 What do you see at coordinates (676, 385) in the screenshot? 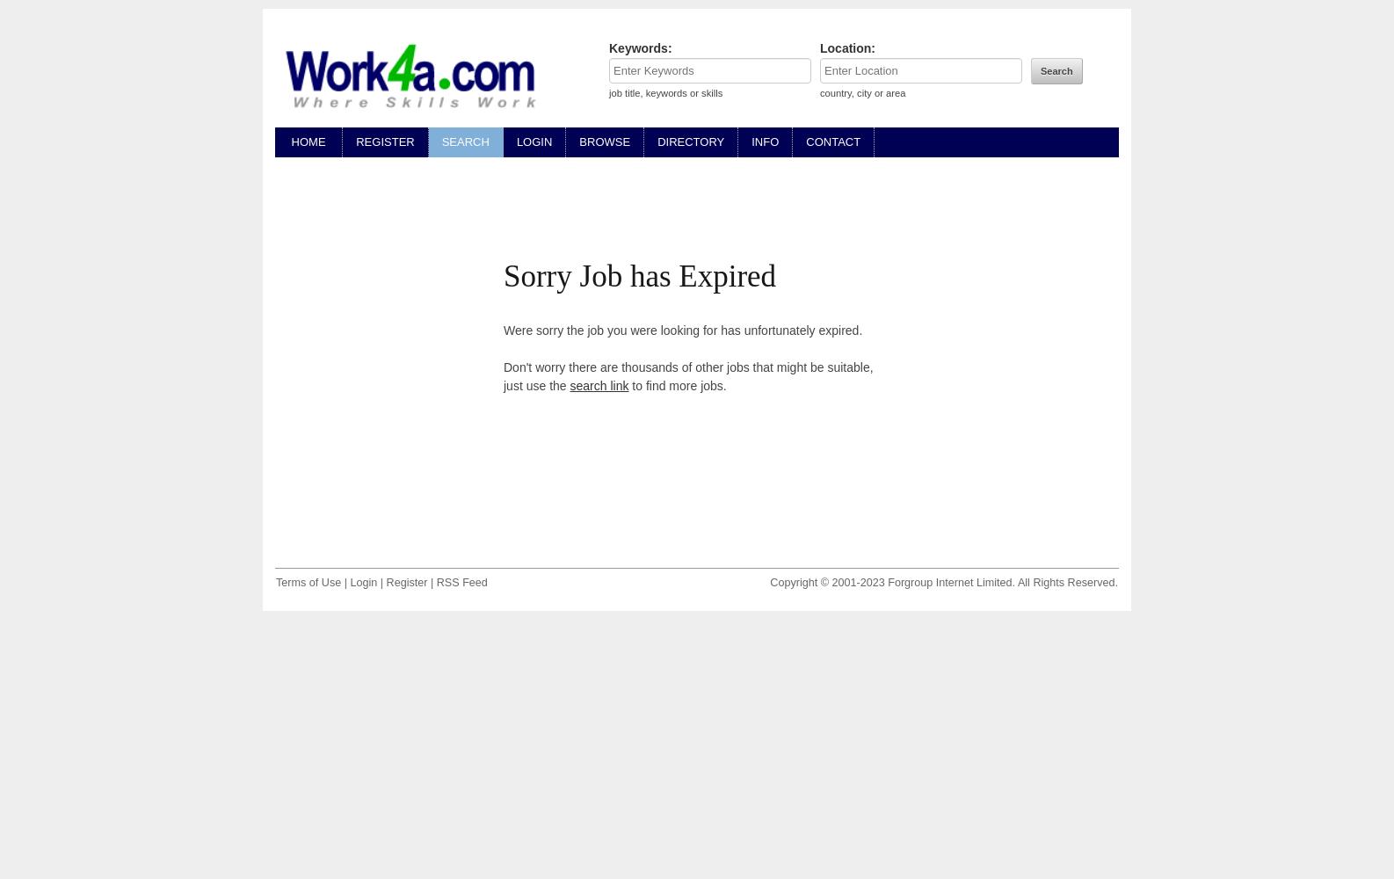
I see `'to find more jobs.'` at bounding box center [676, 385].